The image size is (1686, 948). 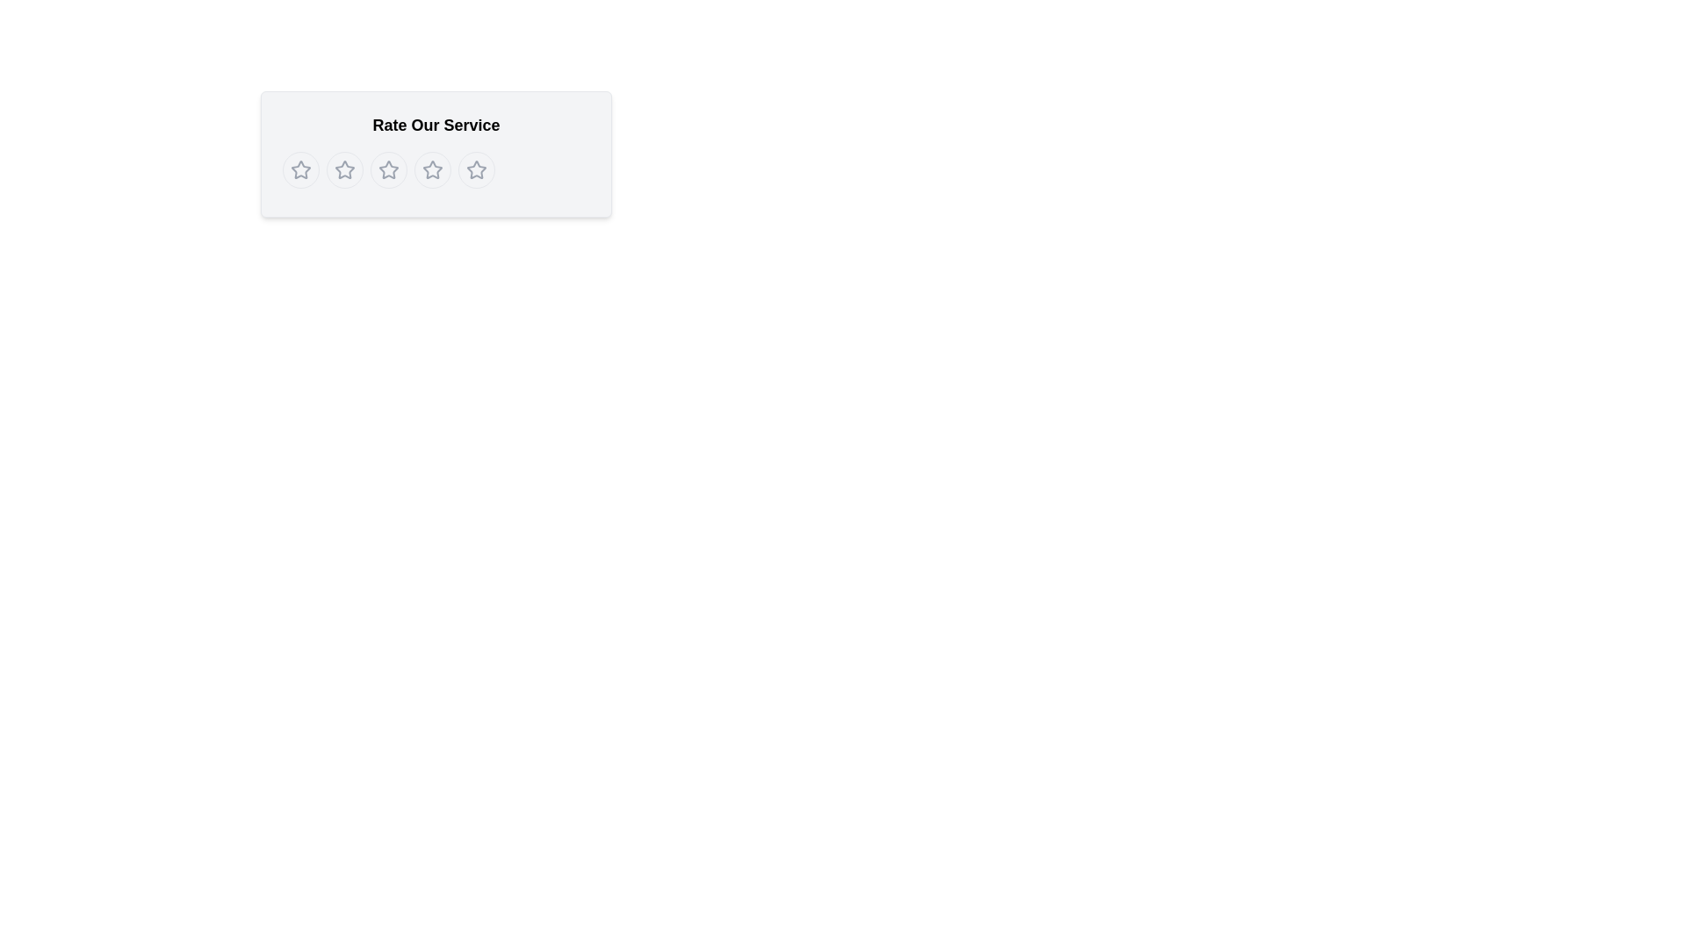 What do you see at coordinates (436, 169) in the screenshot?
I see `the fourth circular button labeled 'Rate 4' that contains a star icon, which is used for rating our service` at bounding box center [436, 169].